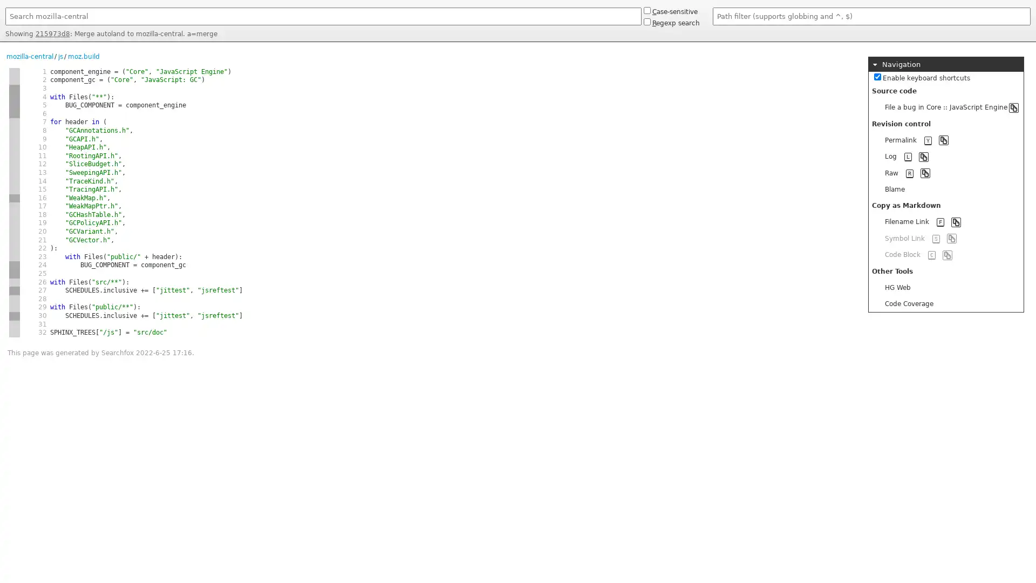  What do you see at coordinates (15, 97) in the screenshot?
I see `same hash 2` at bounding box center [15, 97].